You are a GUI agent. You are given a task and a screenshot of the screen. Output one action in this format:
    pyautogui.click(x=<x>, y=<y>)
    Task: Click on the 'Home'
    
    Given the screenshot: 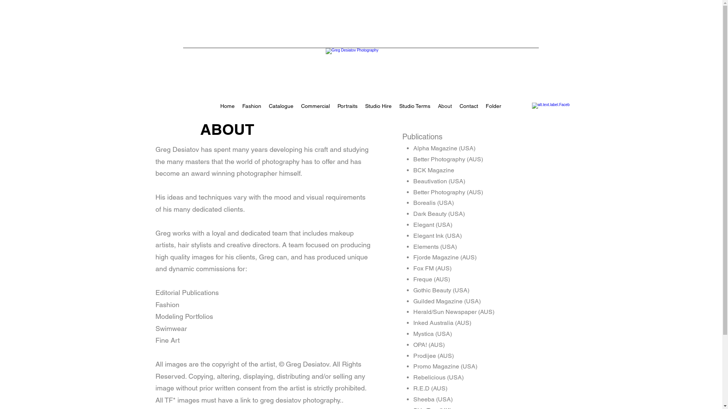 What is the action you would take?
    pyautogui.click(x=227, y=106)
    